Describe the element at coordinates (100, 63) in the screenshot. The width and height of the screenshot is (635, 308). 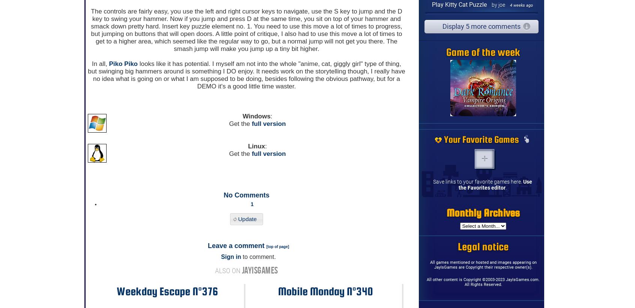
I see `'In all,'` at that location.